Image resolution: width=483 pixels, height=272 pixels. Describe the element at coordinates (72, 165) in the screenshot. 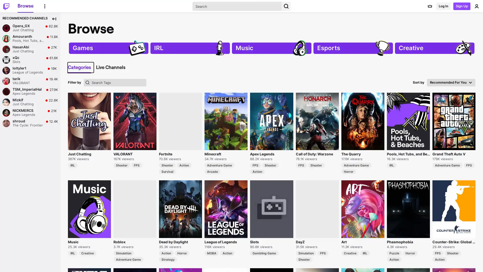

I see `IRL` at that location.